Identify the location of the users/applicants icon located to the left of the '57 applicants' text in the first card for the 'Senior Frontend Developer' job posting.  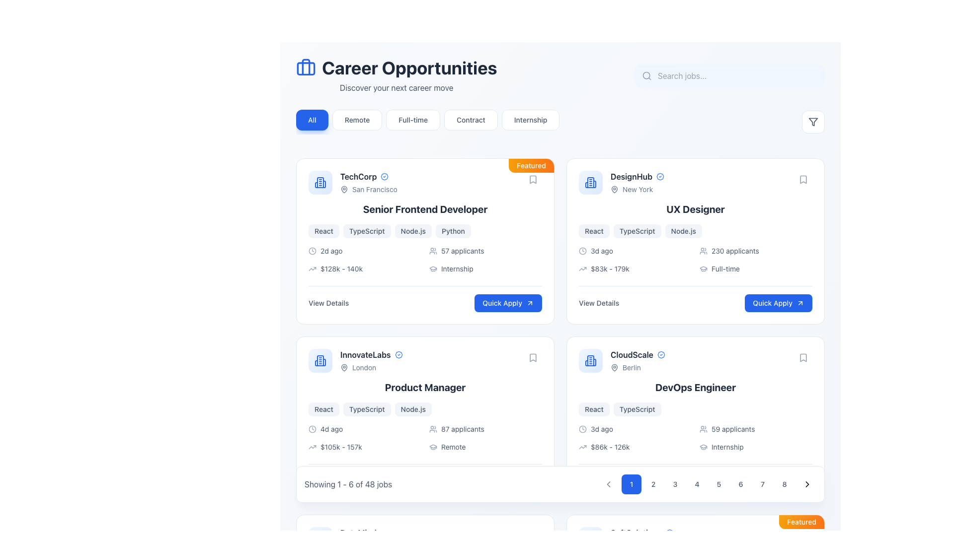
(433, 250).